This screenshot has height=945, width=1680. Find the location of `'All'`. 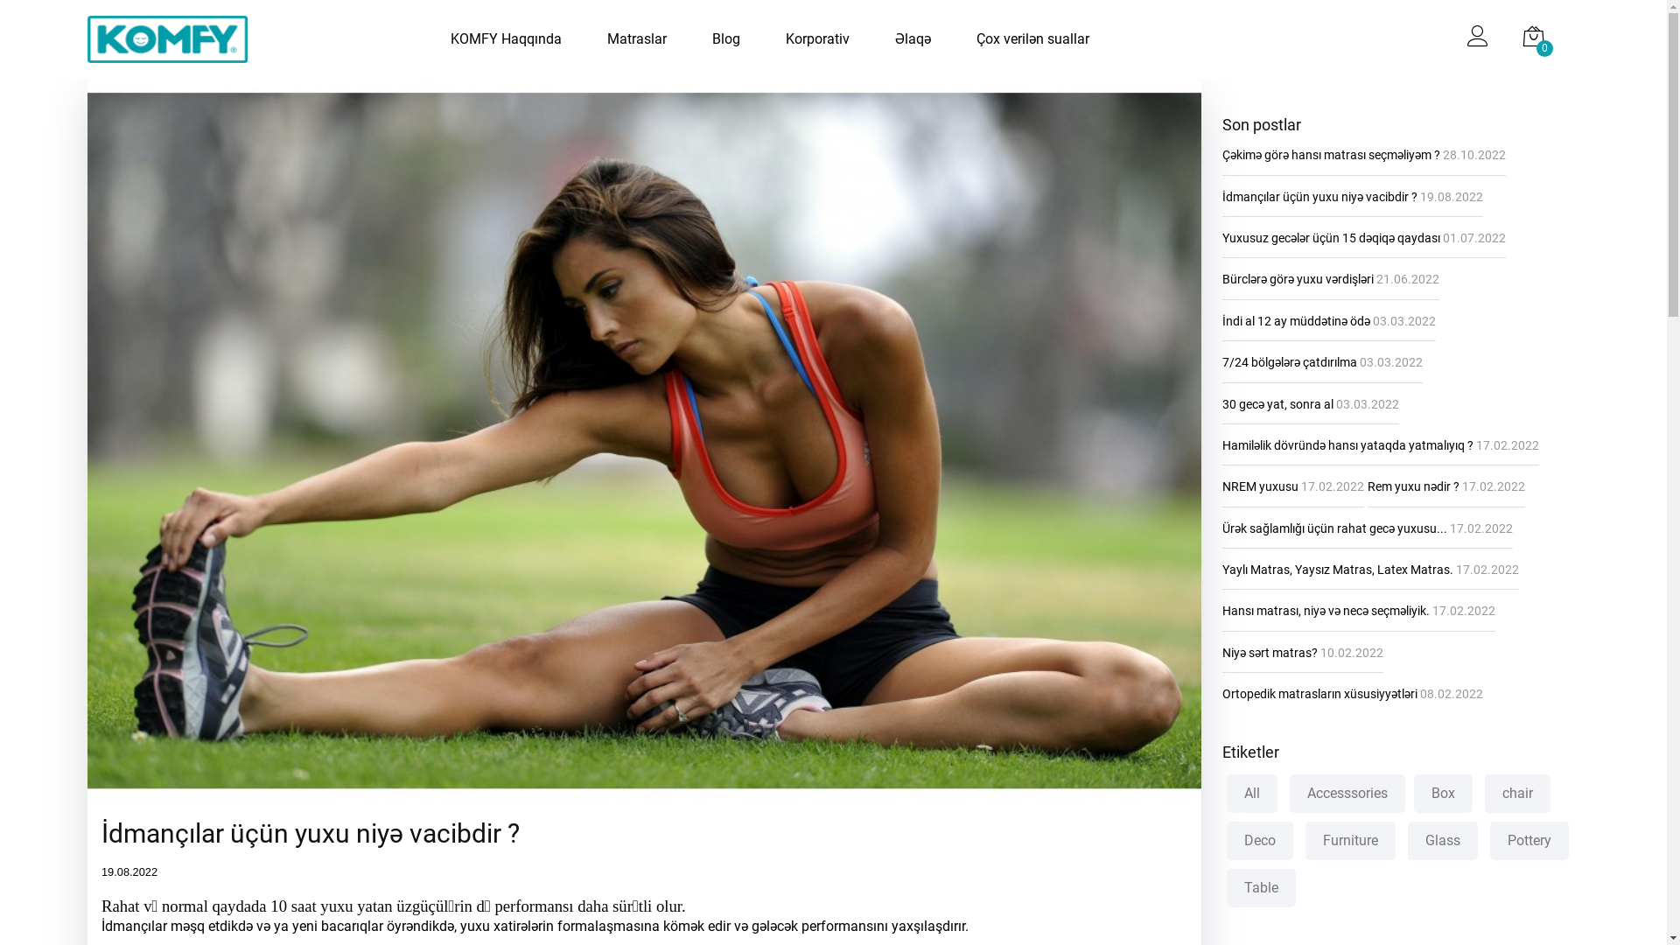

'All' is located at coordinates (1250, 793).